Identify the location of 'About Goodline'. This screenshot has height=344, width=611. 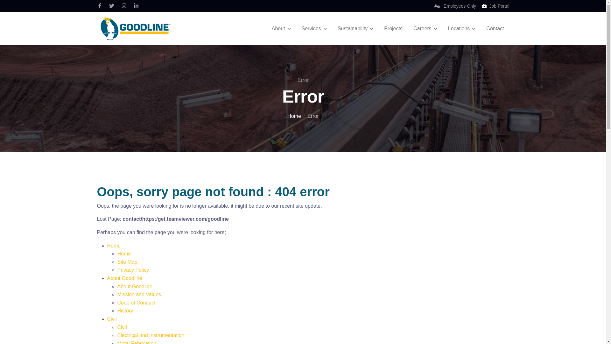
(124, 278).